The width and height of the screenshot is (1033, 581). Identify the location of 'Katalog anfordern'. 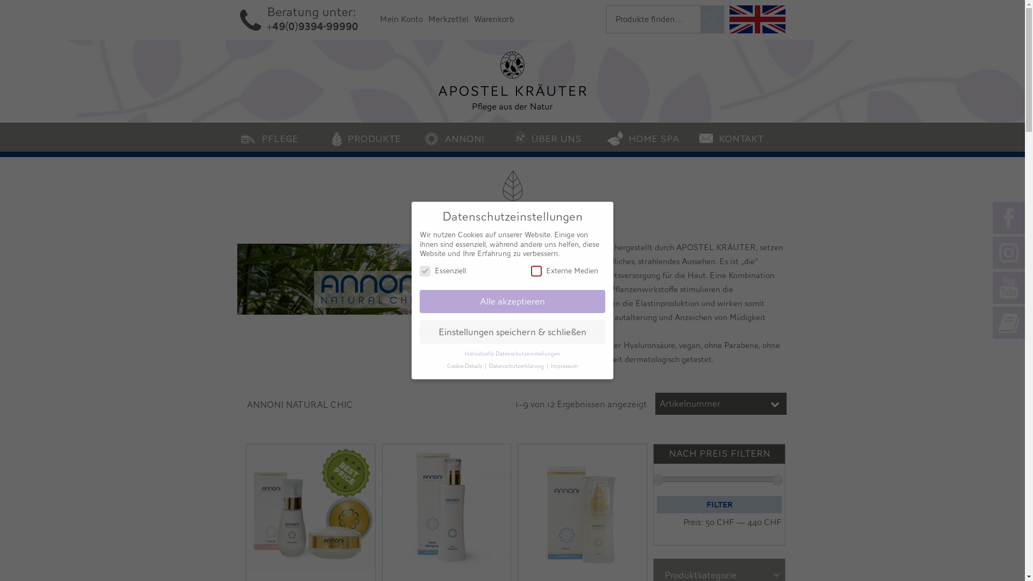
(1008, 322).